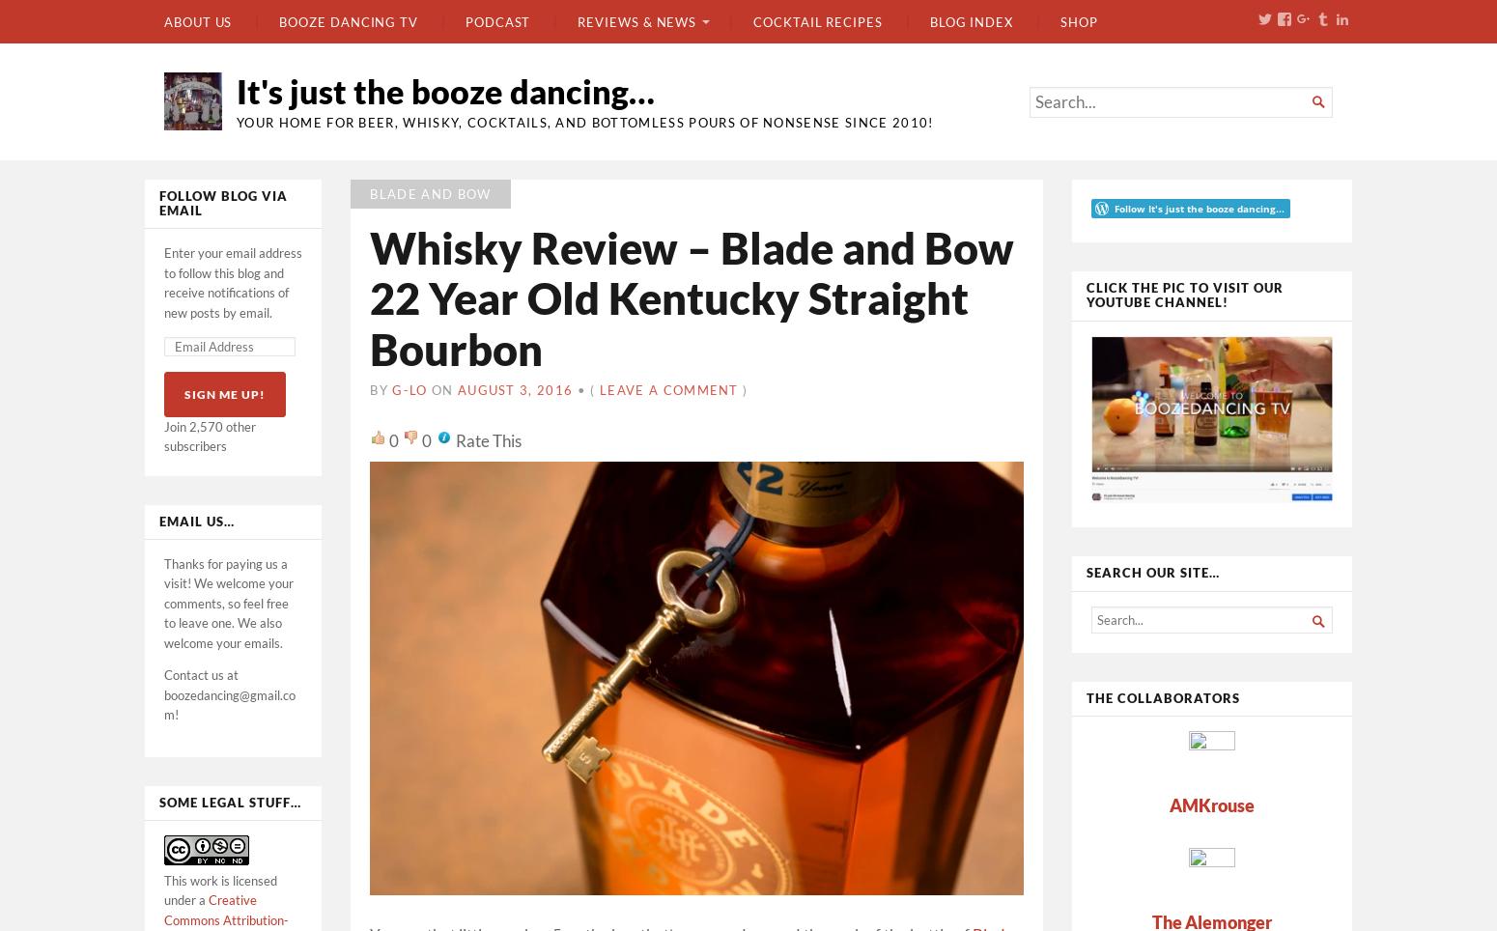  What do you see at coordinates (445, 90) in the screenshot?
I see `'It's just the booze dancing…'` at bounding box center [445, 90].